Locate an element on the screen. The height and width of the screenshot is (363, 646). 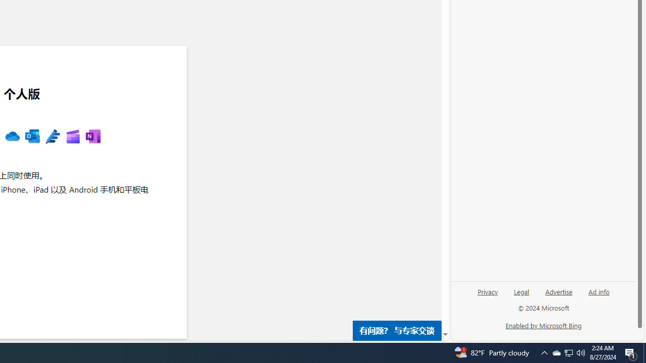
'MS OneNote' is located at coordinates (93, 137).